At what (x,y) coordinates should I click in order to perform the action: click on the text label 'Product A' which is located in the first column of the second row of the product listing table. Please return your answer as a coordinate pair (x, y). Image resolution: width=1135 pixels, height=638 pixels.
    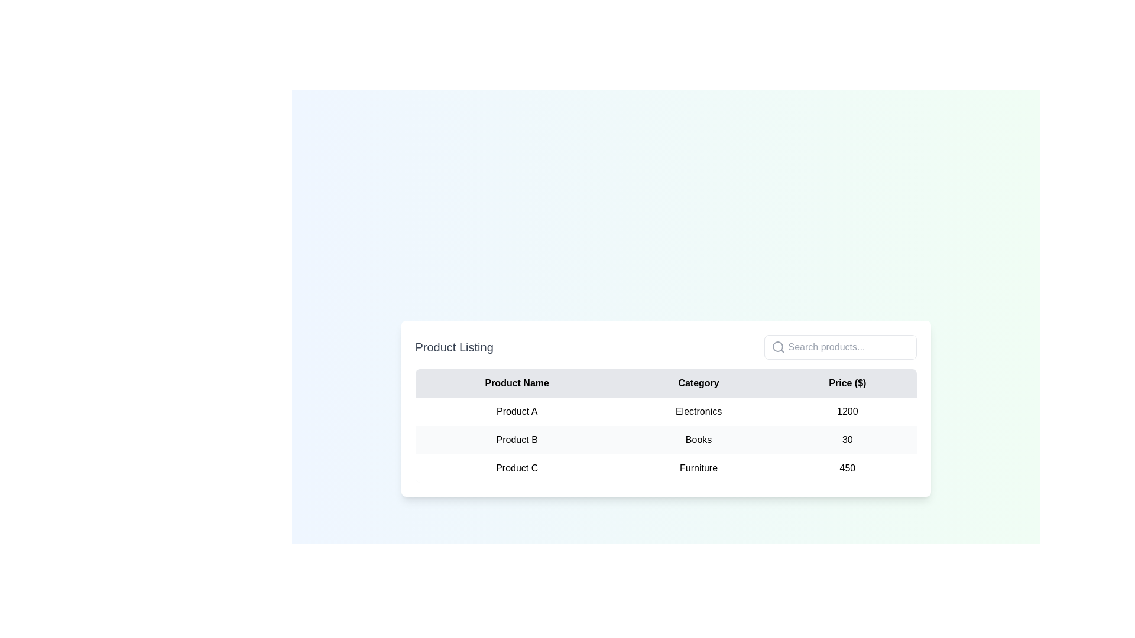
    Looking at the image, I should click on (517, 411).